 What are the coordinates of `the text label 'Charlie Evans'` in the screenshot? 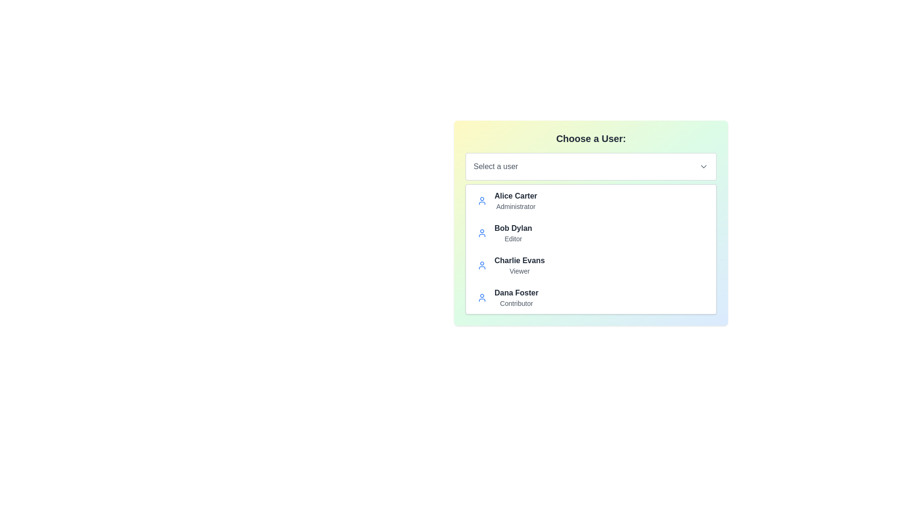 It's located at (519, 260).